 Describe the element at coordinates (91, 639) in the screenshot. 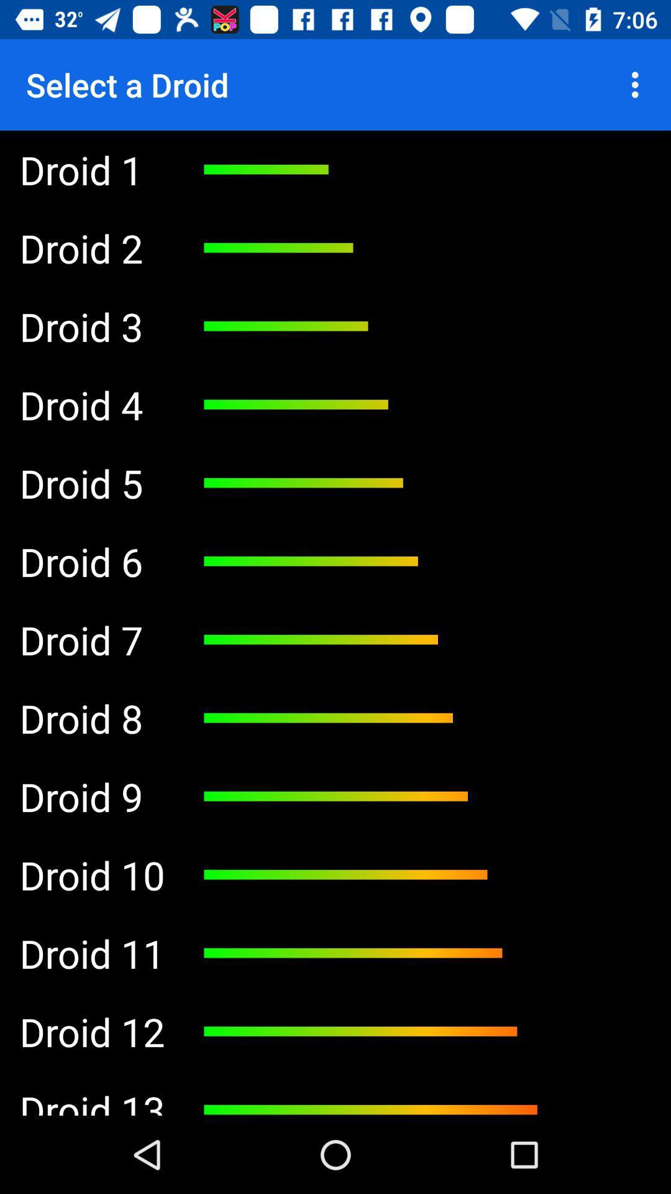

I see `the droid 7 app` at that location.